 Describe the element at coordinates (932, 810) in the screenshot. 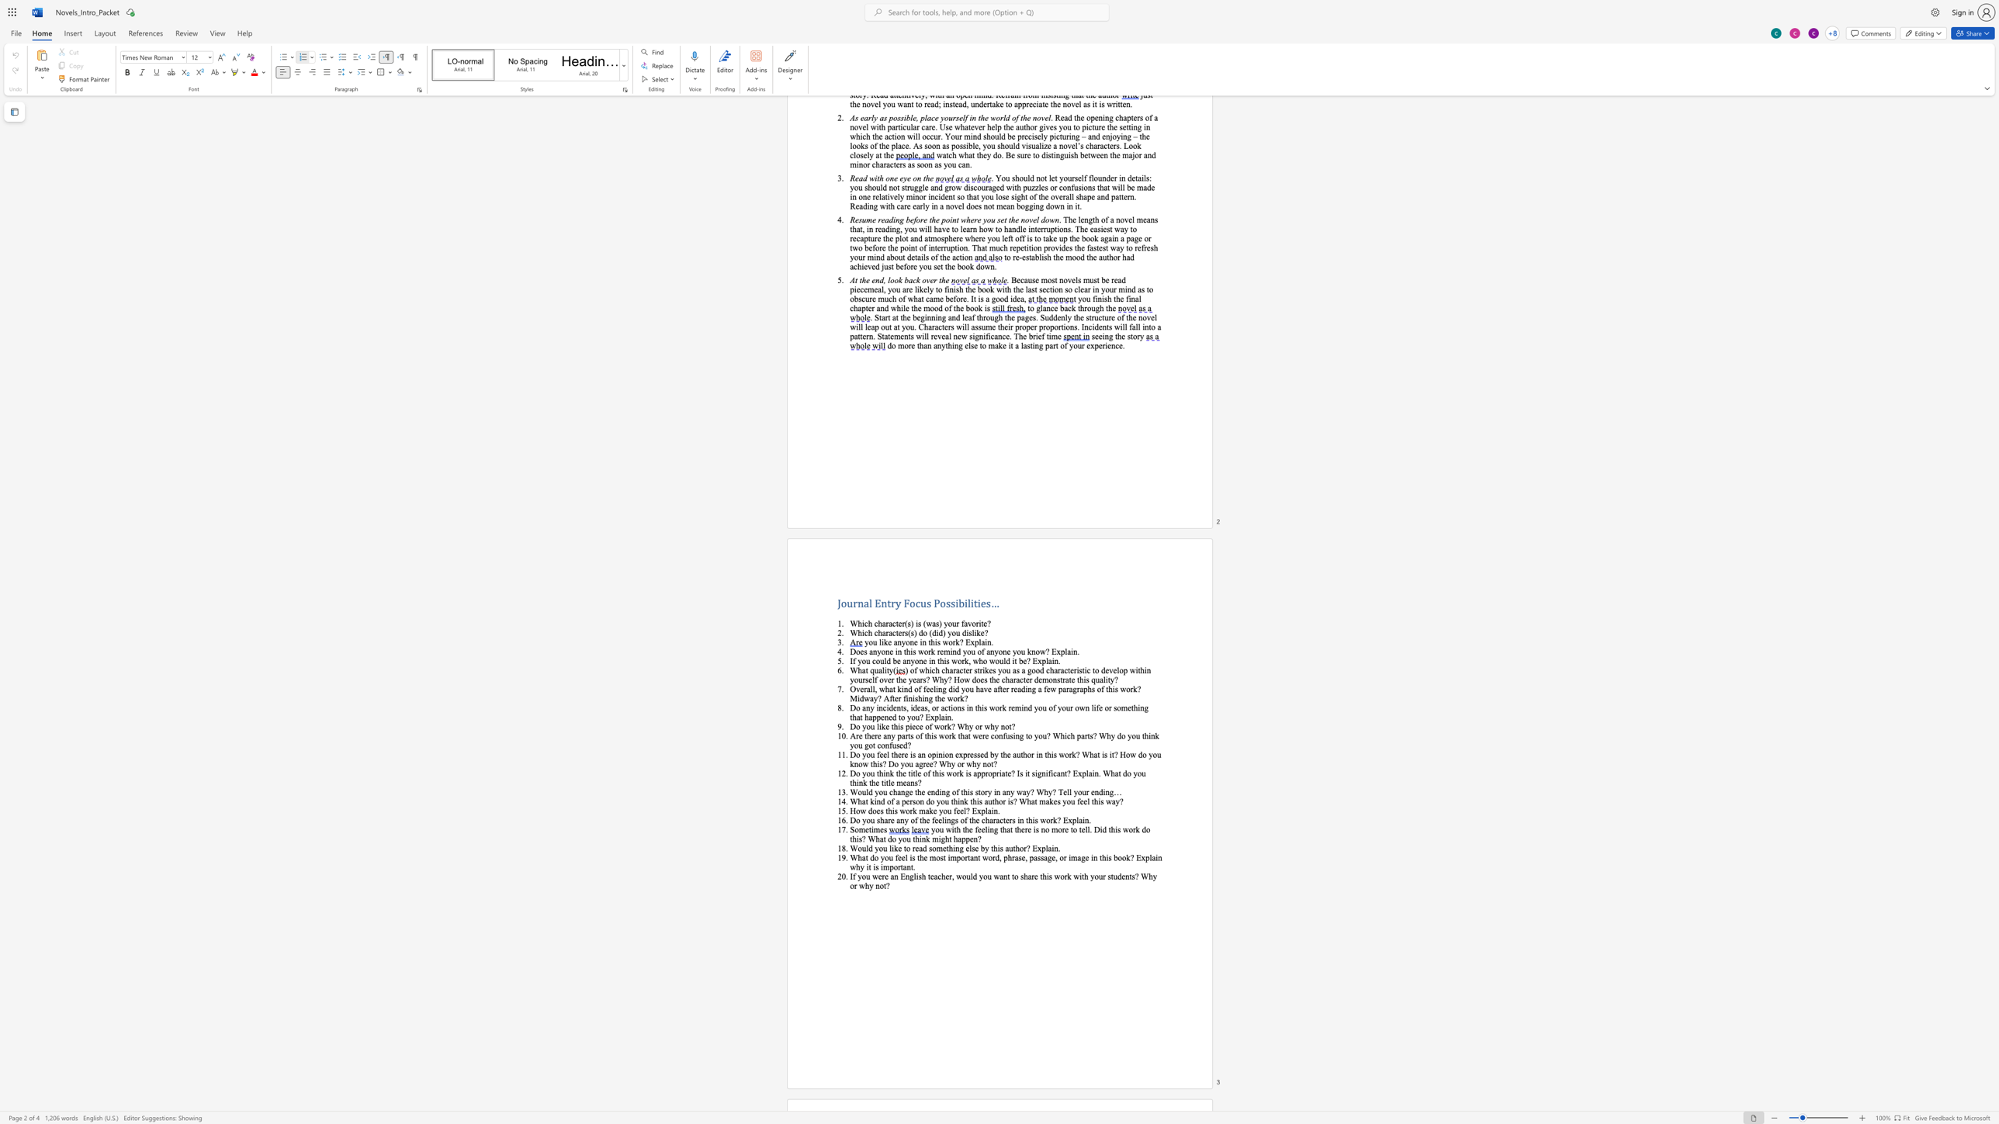

I see `the space between the continuous character "k" and "e" in the text` at that location.